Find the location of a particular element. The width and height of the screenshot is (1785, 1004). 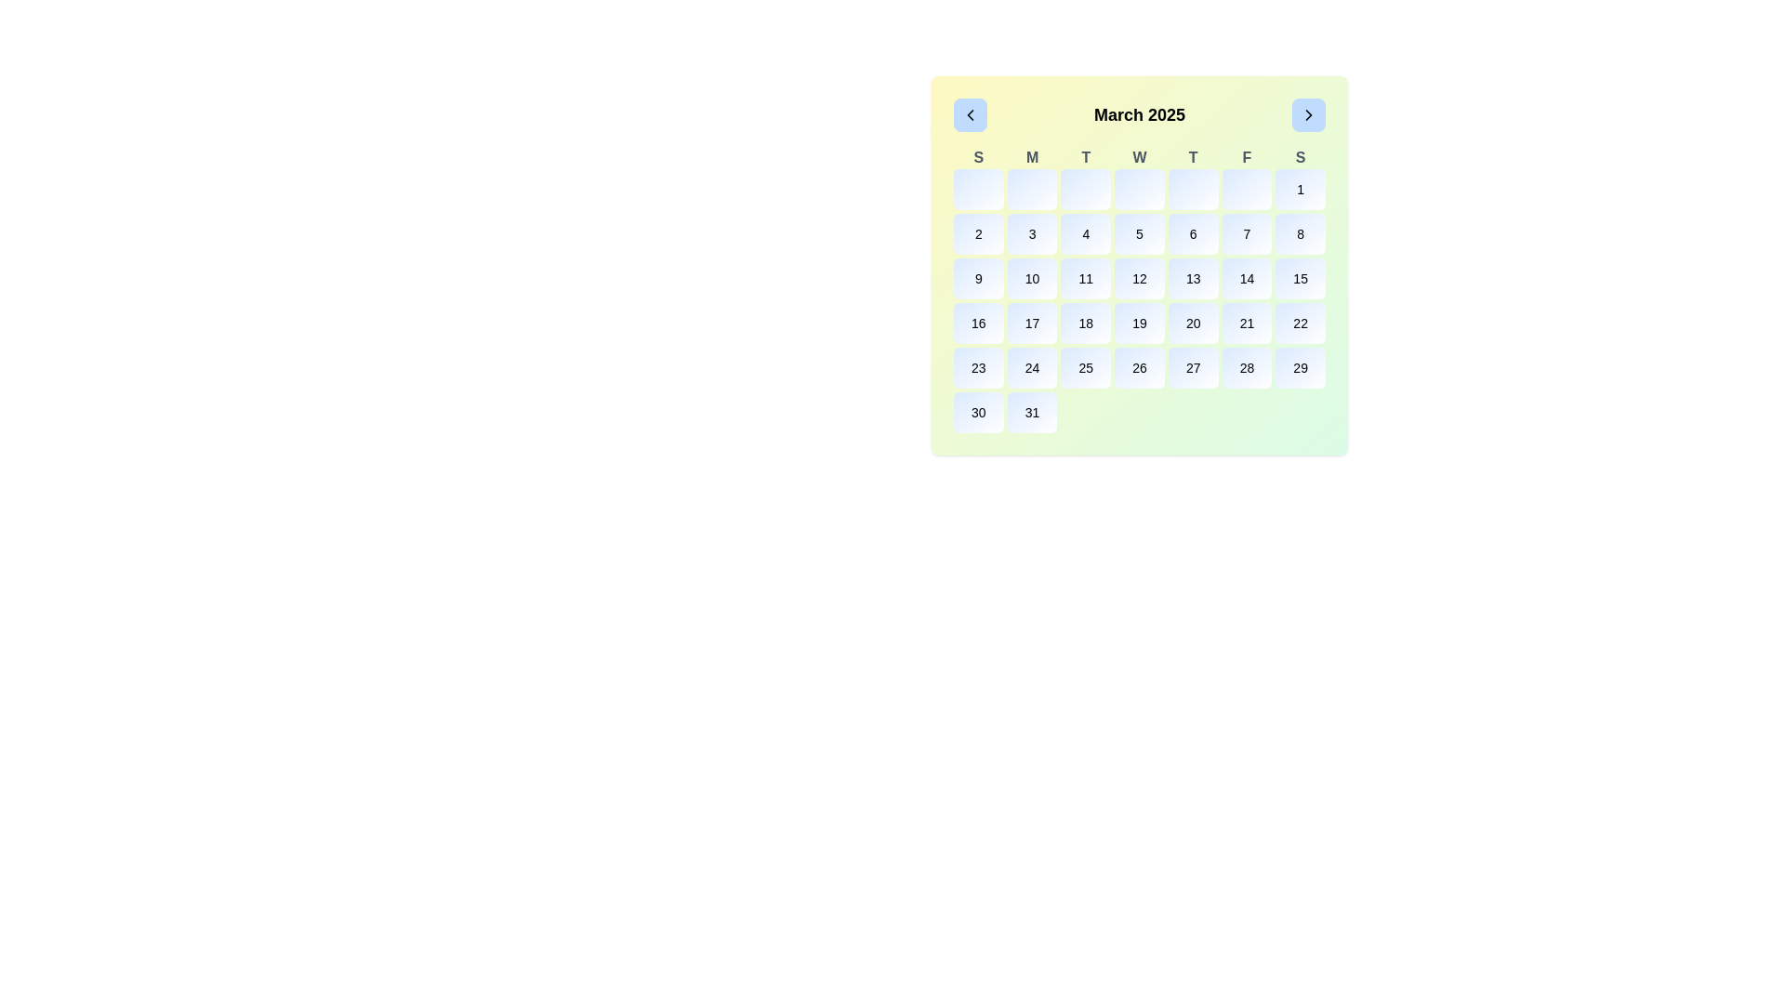

the button representing the 21st day in the calendar, which is located in the bottom row of the grid, under the Friday column is located at coordinates (1247, 322).